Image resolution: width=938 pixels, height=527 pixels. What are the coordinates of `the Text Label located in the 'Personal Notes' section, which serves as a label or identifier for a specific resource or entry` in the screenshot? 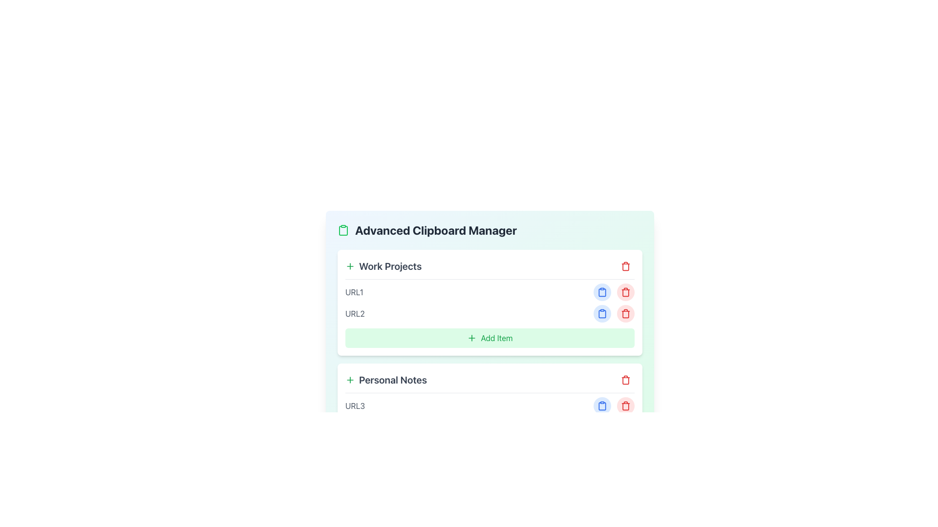 It's located at (355, 406).